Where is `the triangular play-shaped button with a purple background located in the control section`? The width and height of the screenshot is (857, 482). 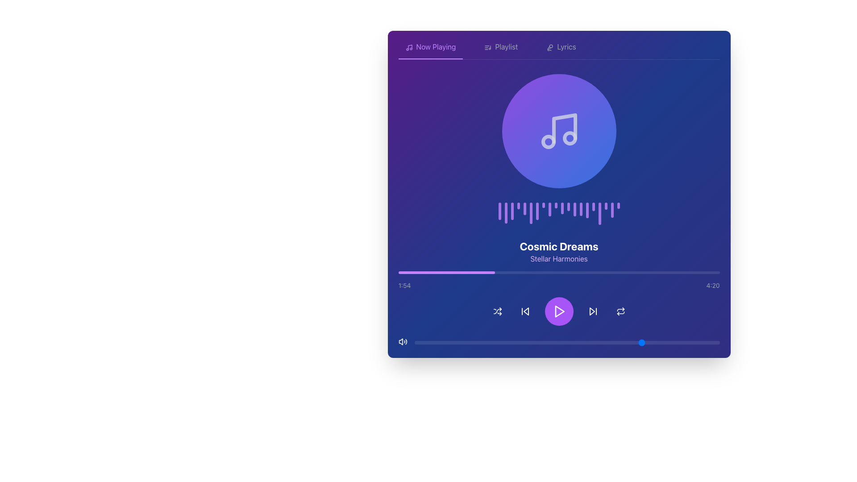
the triangular play-shaped button with a purple background located in the control section is located at coordinates (558, 311).